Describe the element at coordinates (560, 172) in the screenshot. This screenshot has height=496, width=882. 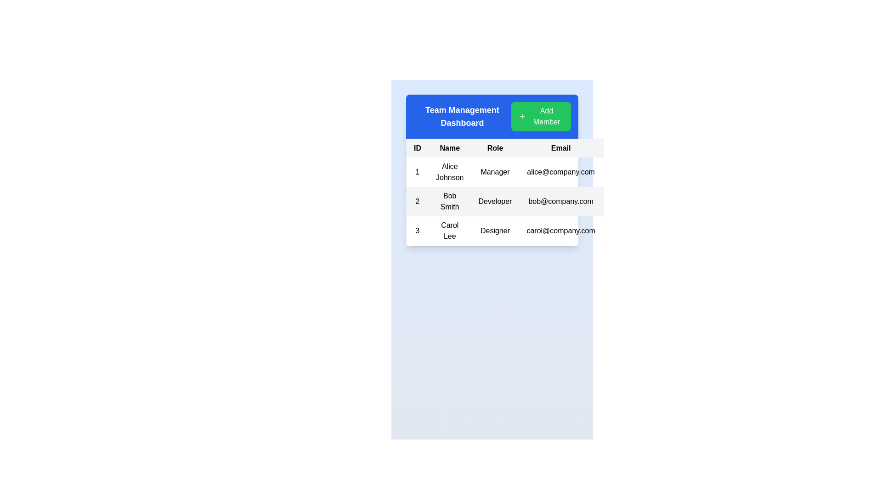
I see `the email address of user 'Alice Johnson'` at that location.